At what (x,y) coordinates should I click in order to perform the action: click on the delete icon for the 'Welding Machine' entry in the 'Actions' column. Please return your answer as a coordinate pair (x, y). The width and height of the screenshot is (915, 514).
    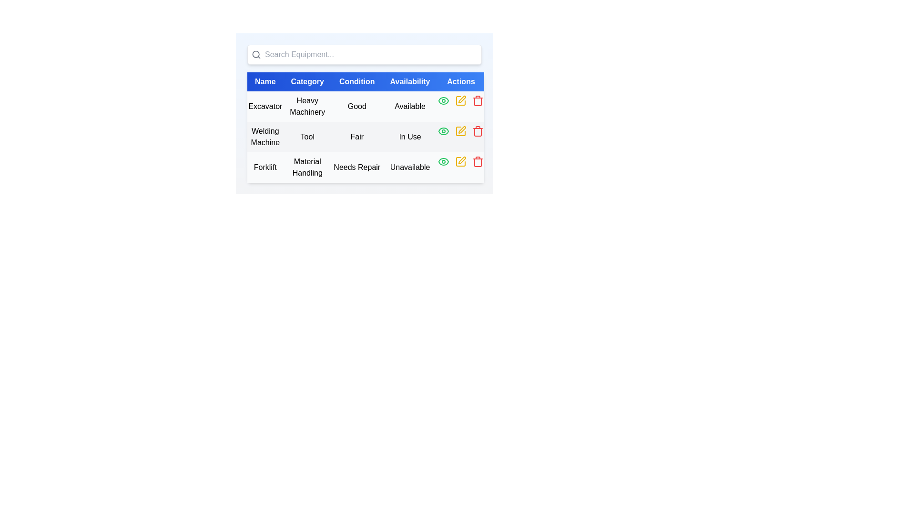
    Looking at the image, I should click on (478, 132).